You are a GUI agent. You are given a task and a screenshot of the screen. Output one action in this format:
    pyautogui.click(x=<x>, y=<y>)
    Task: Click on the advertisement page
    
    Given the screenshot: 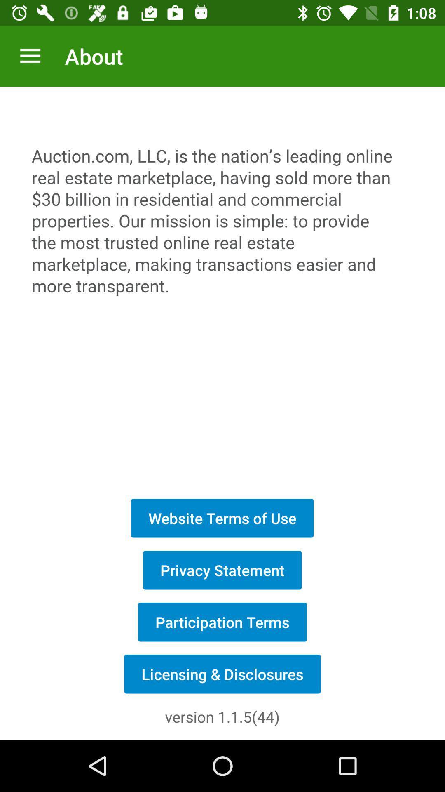 What is the action you would take?
    pyautogui.click(x=222, y=288)
    